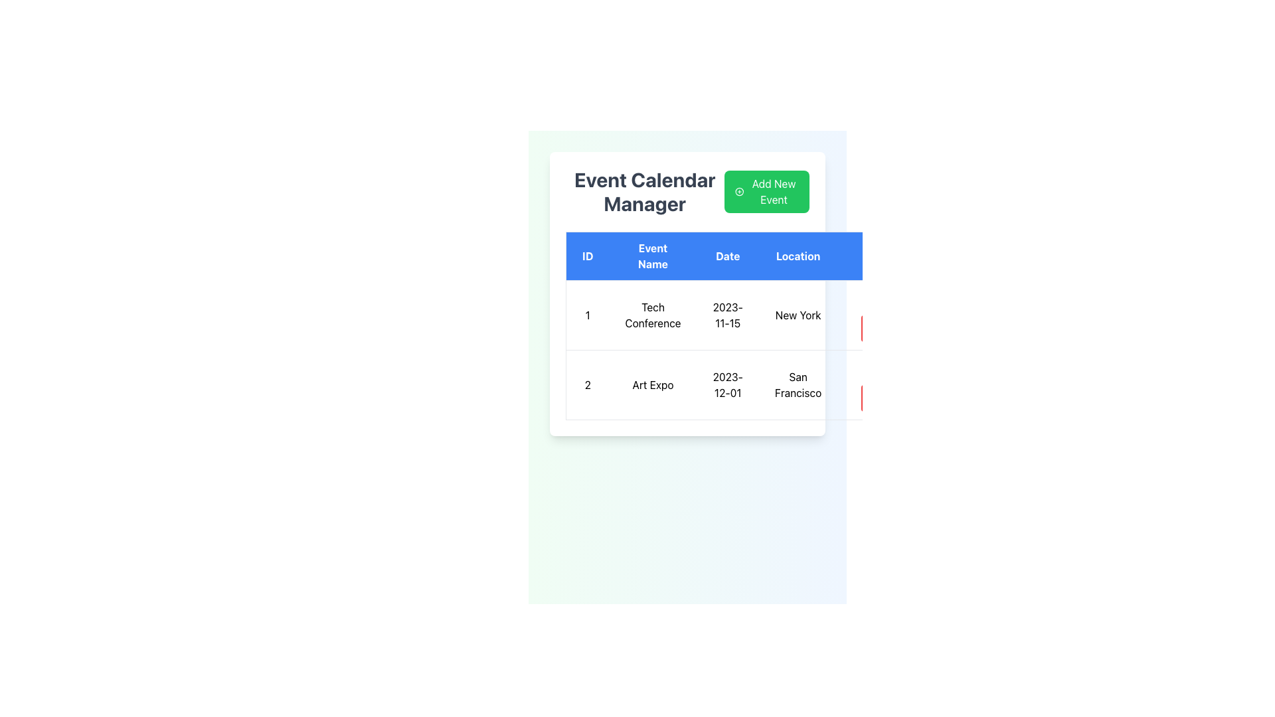 The height and width of the screenshot is (717, 1275). Describe the element at coordinates (586, 315) in the screenshot. I see `the static text element that serves as an identifier or serial number in the first position of the ID column in the table` at that location.